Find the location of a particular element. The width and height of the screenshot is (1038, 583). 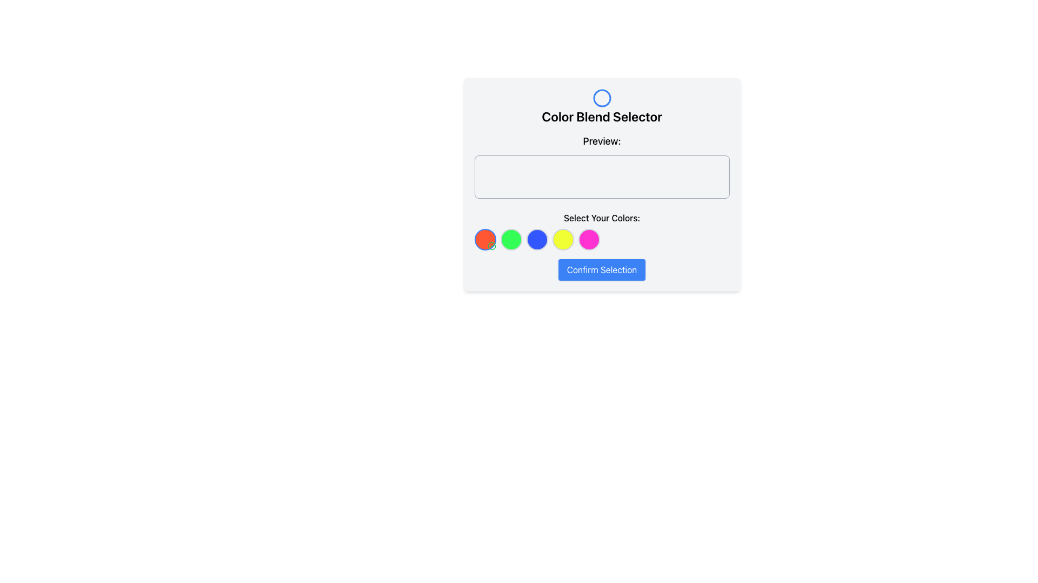

the prominently displayed header text reading 'Color Blend Selector', which is styled in a large, bold font and centered at the top of the form-like interface is located at coordinates (601, 117).